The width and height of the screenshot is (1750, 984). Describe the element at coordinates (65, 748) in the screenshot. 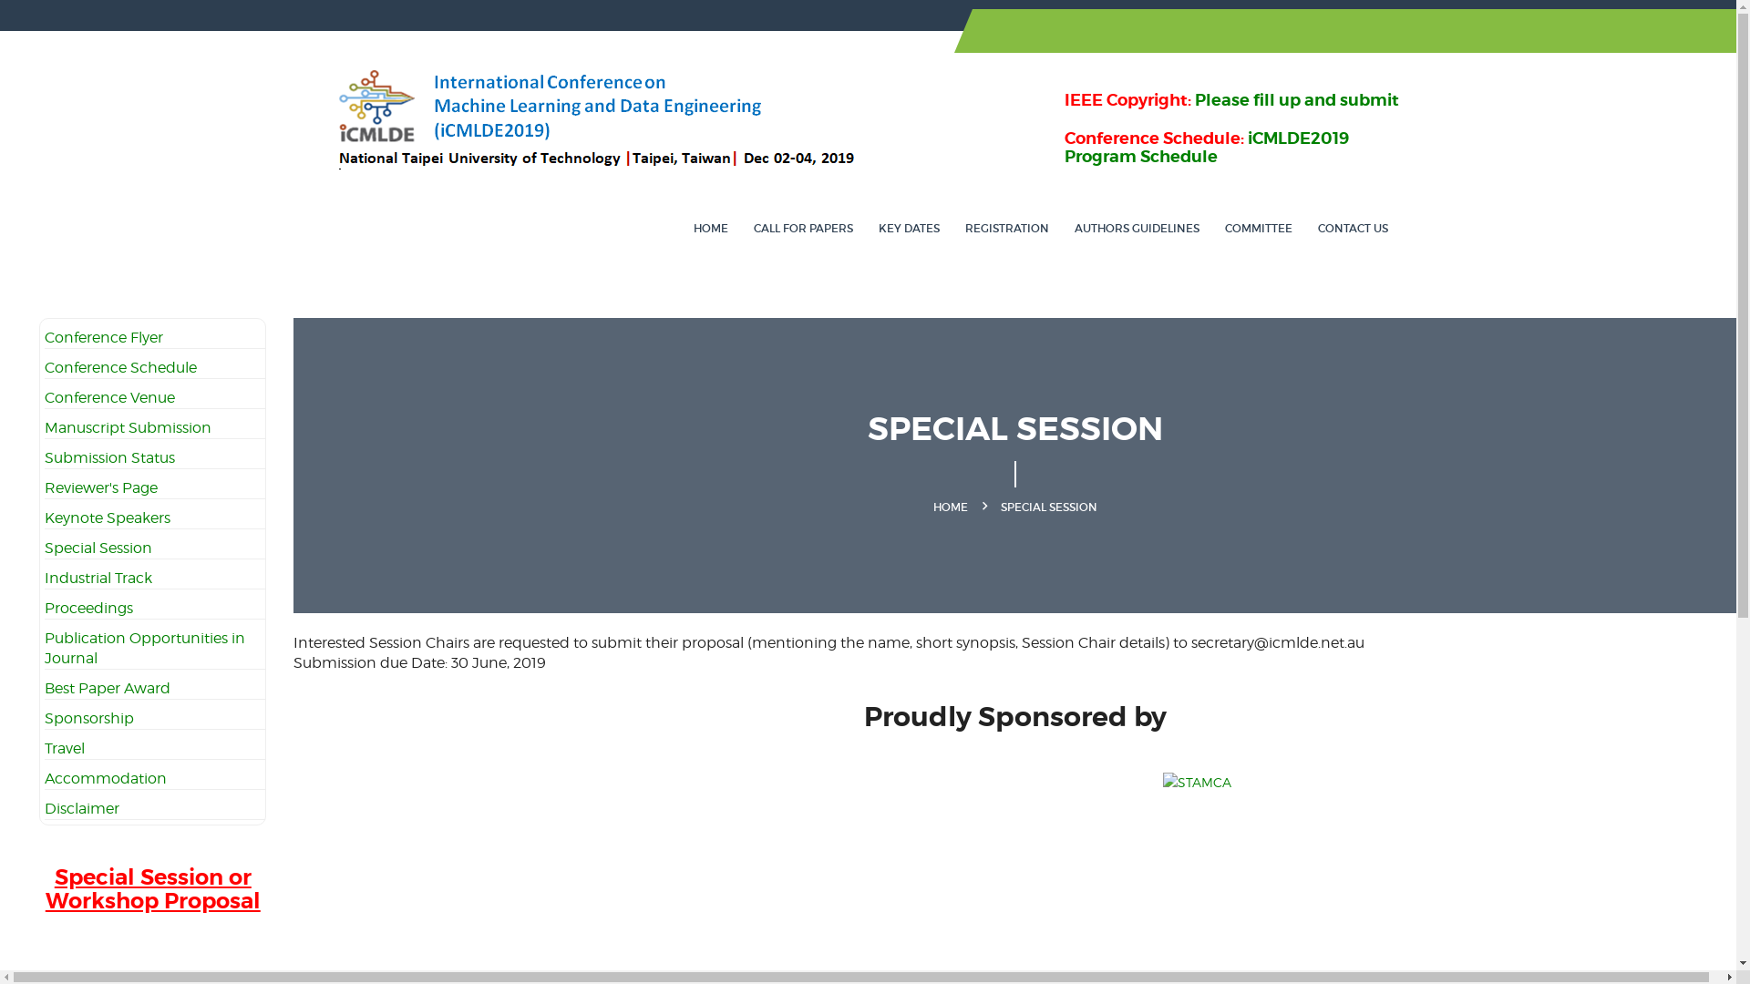

I see `'Travel'` at that location.